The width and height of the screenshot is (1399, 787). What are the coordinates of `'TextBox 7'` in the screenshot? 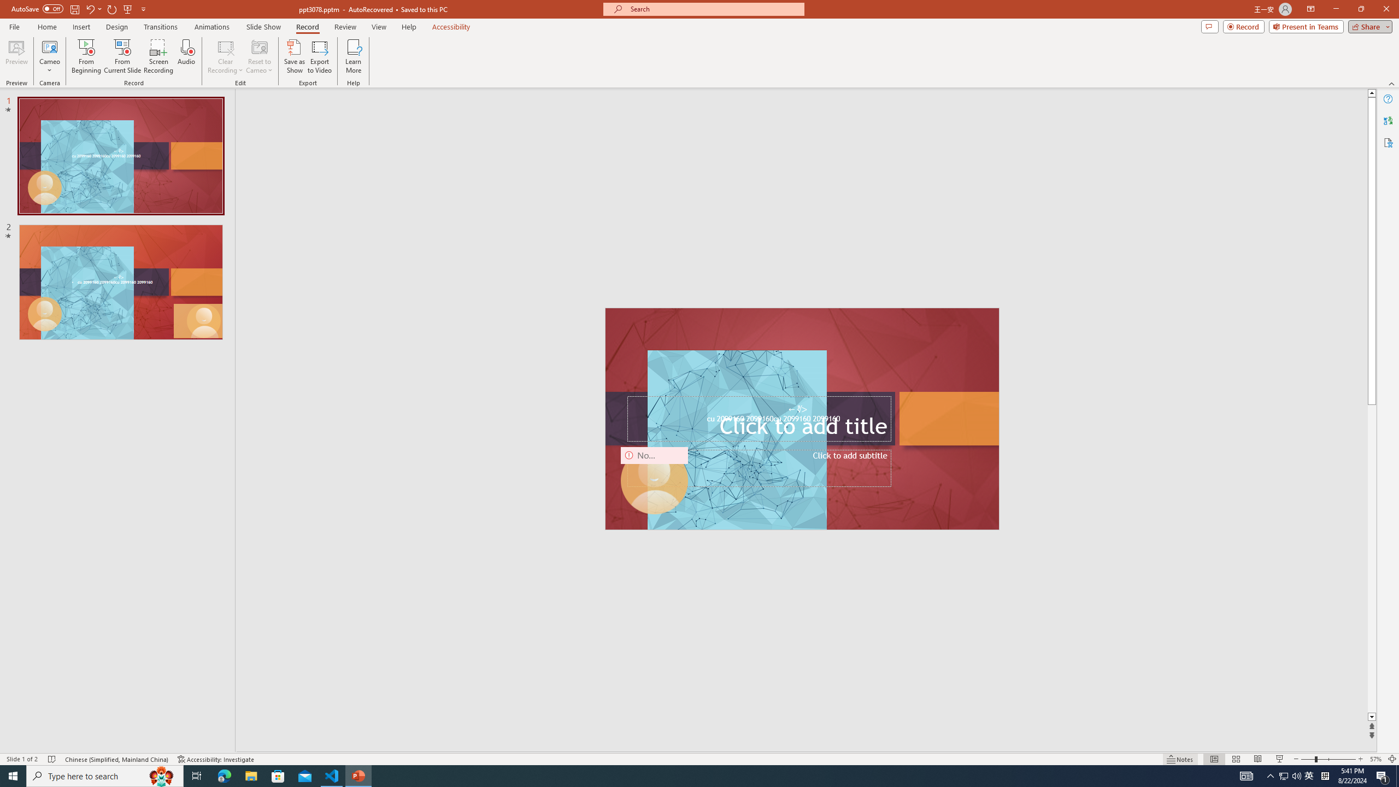 It's located at (797, 409).